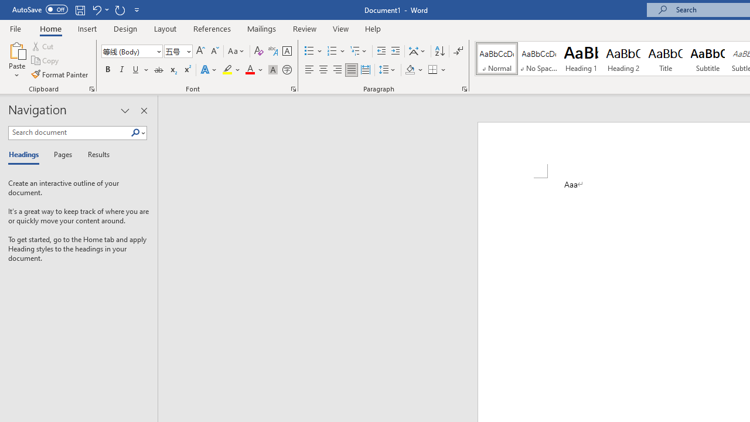 The height and width of the screenshot is (422, 750). What do you see at coordinates (249, 70) in the screenshot?
I see `'Font Color Red'` at bounding box center [249, 70].